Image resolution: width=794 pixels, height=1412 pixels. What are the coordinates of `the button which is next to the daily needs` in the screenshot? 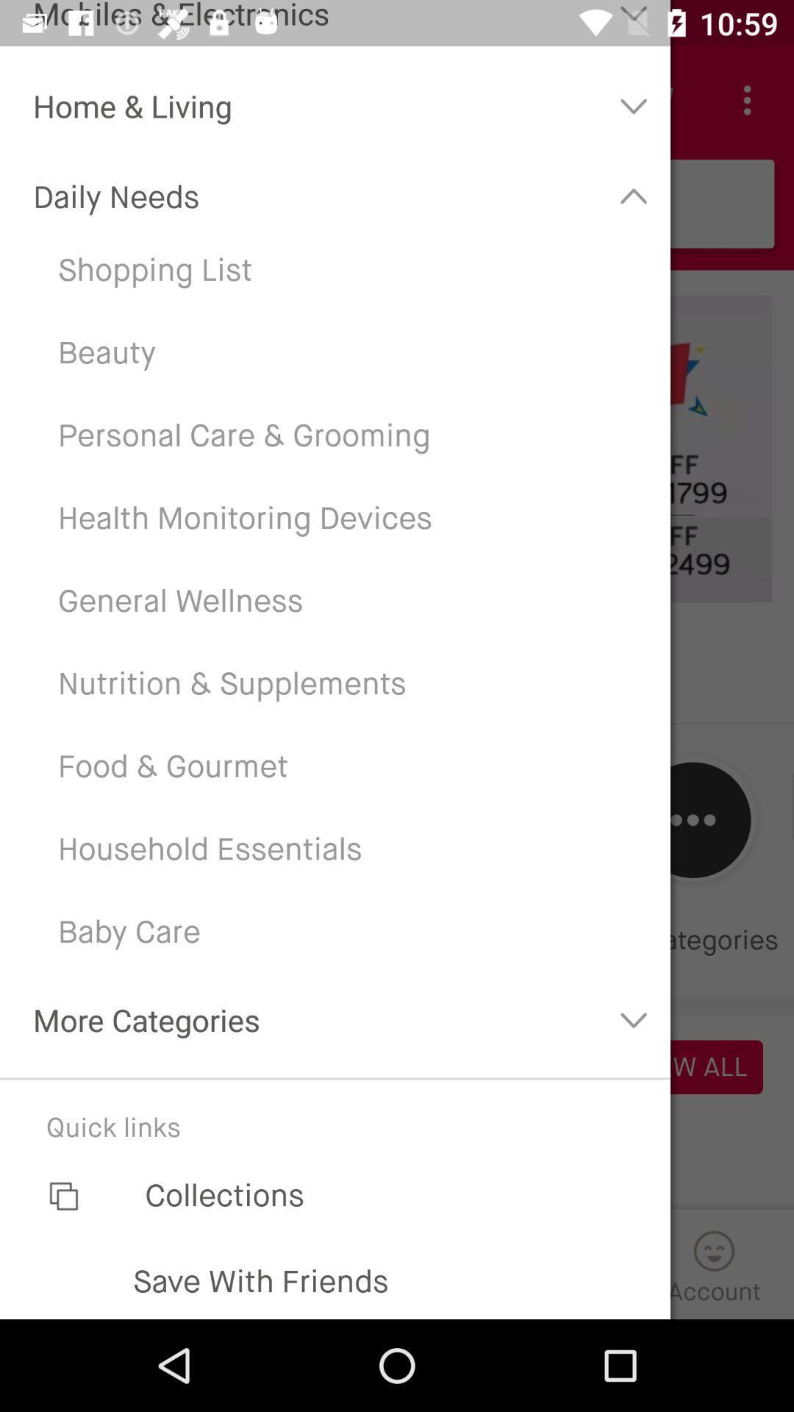 It's located at (633, 196).